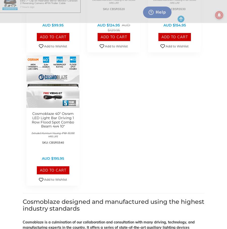 This screenshot has height=229, width=227. Describe the element at coordinates (53, 135) in the screenshot. I see `'Extruded Aluminum Housing~IP68~50,000 HRS LIFE'` at that location.